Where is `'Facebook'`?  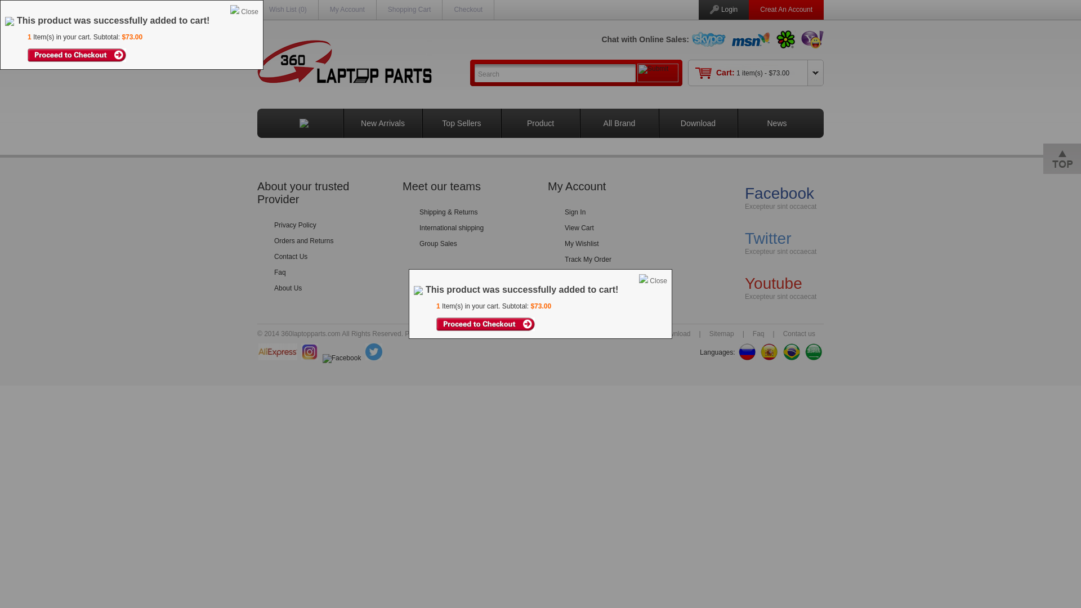
'Facebook' is located at coordinates (779, 193).